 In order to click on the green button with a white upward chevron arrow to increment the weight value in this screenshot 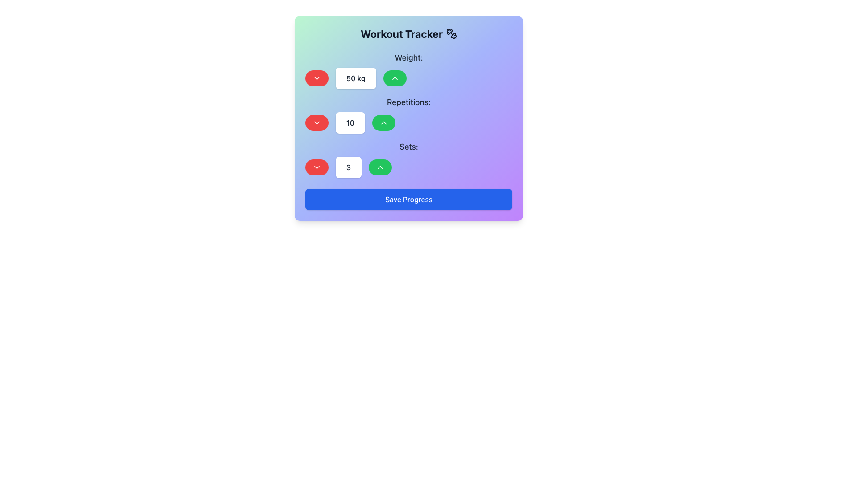, I will do `click(394, 78)`.